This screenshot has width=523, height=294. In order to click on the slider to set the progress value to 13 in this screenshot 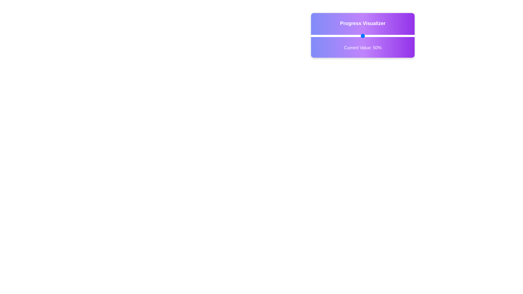, I will do `click(324, 36)`.